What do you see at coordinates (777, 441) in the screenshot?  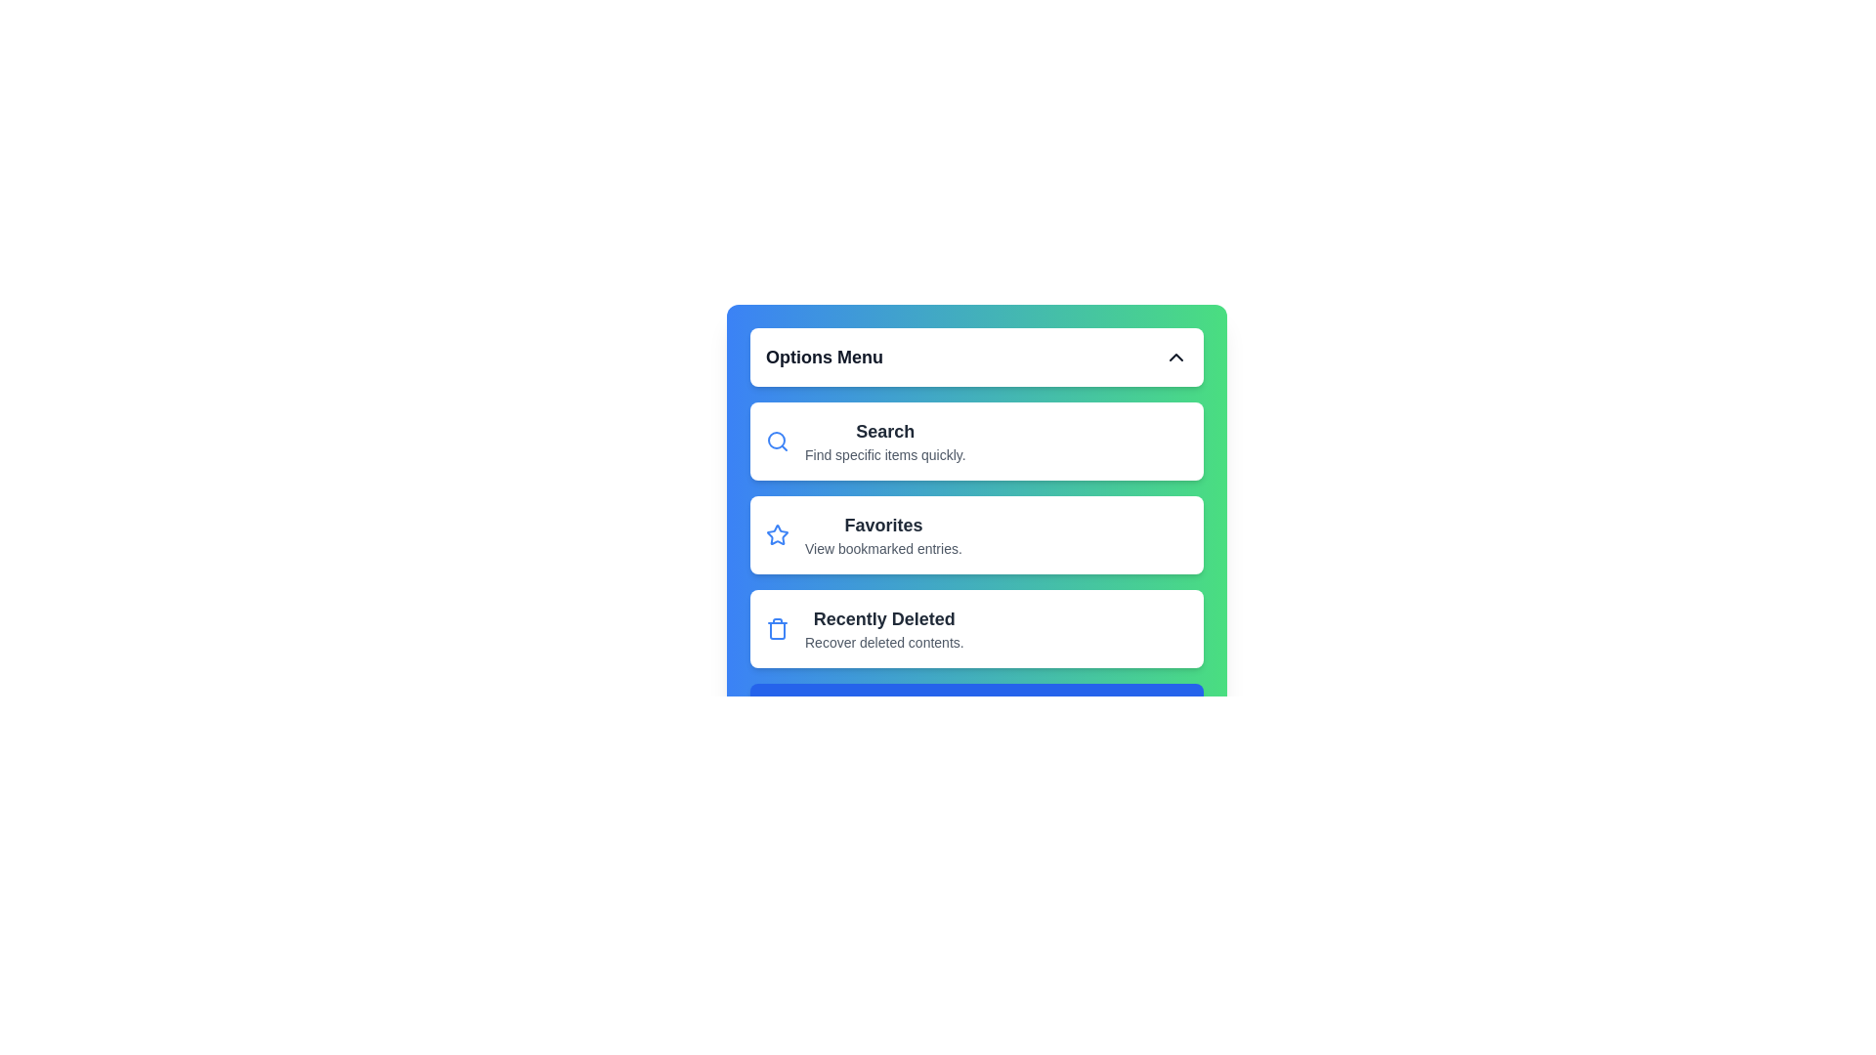 I see `the magnifying glass icon associated with the search functionality located in the upper left corner of the first card in the options menu` at bounding box center [777, 441].